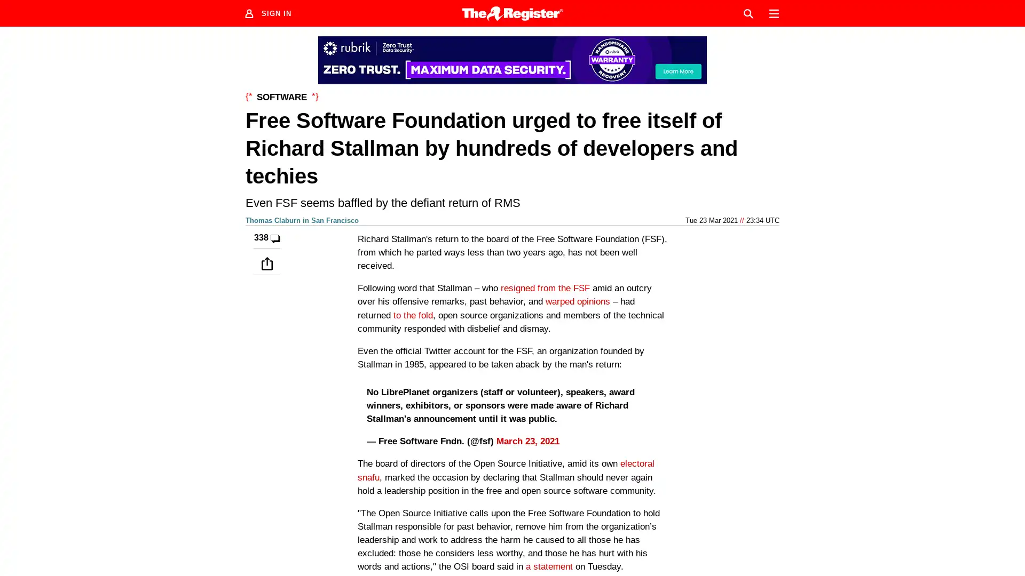 This screenshot has height=576, width=1025. I want to click on Share this story, so click(266, 263).